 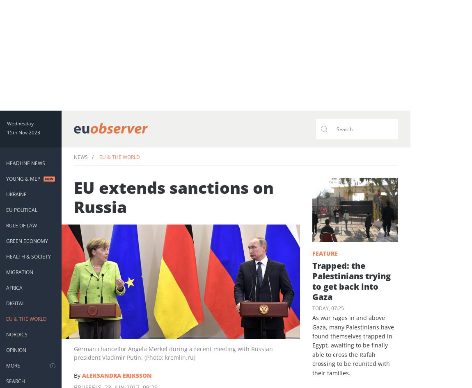 I want to click on 'Headline News', so click(x=25, y=163).